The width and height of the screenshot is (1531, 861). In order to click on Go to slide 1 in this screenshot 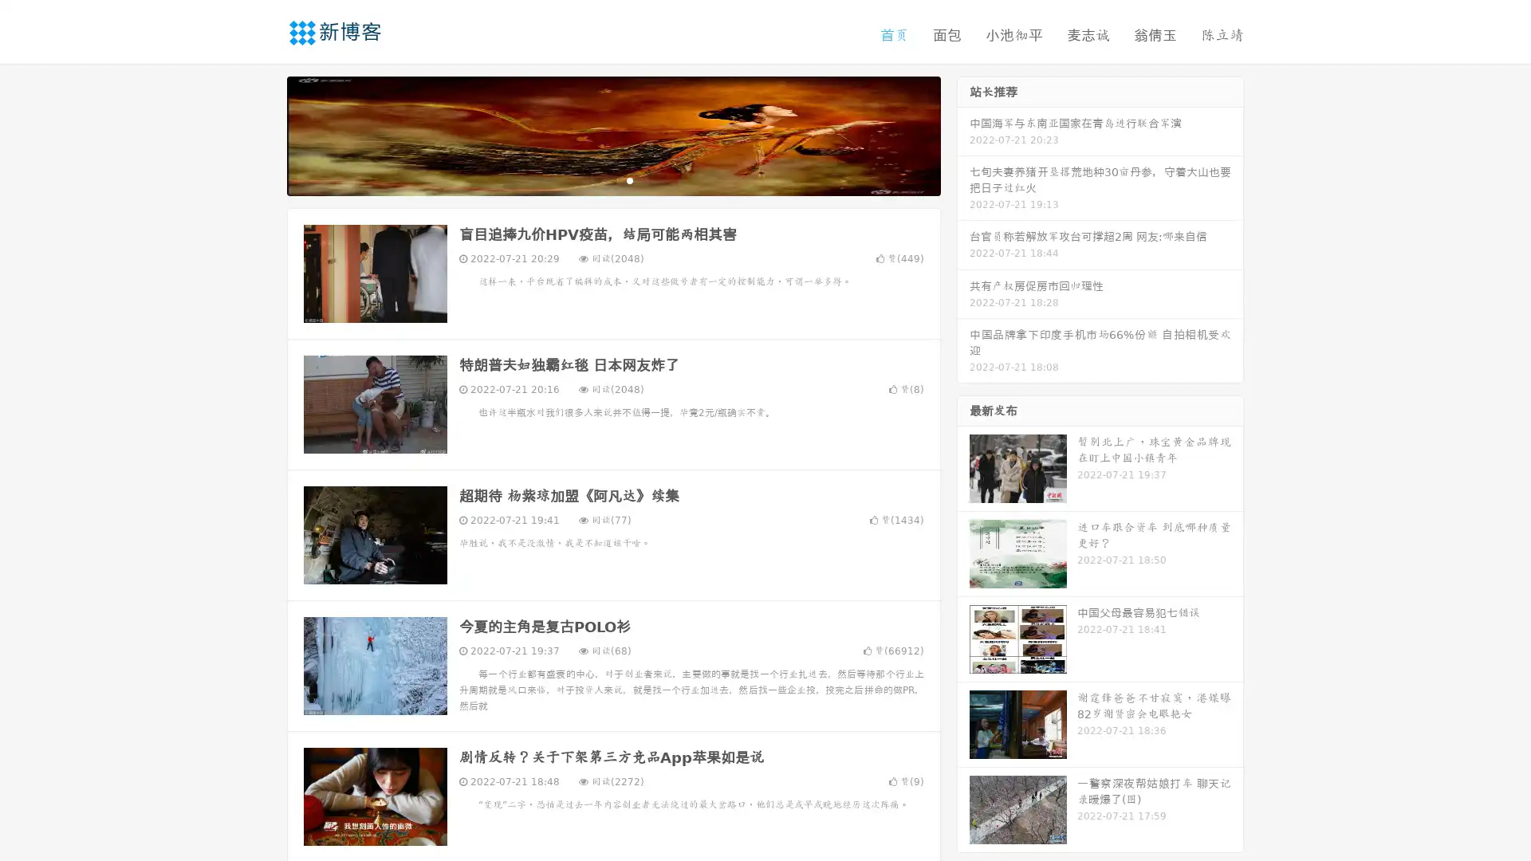, I will do `click(596, 179)`.